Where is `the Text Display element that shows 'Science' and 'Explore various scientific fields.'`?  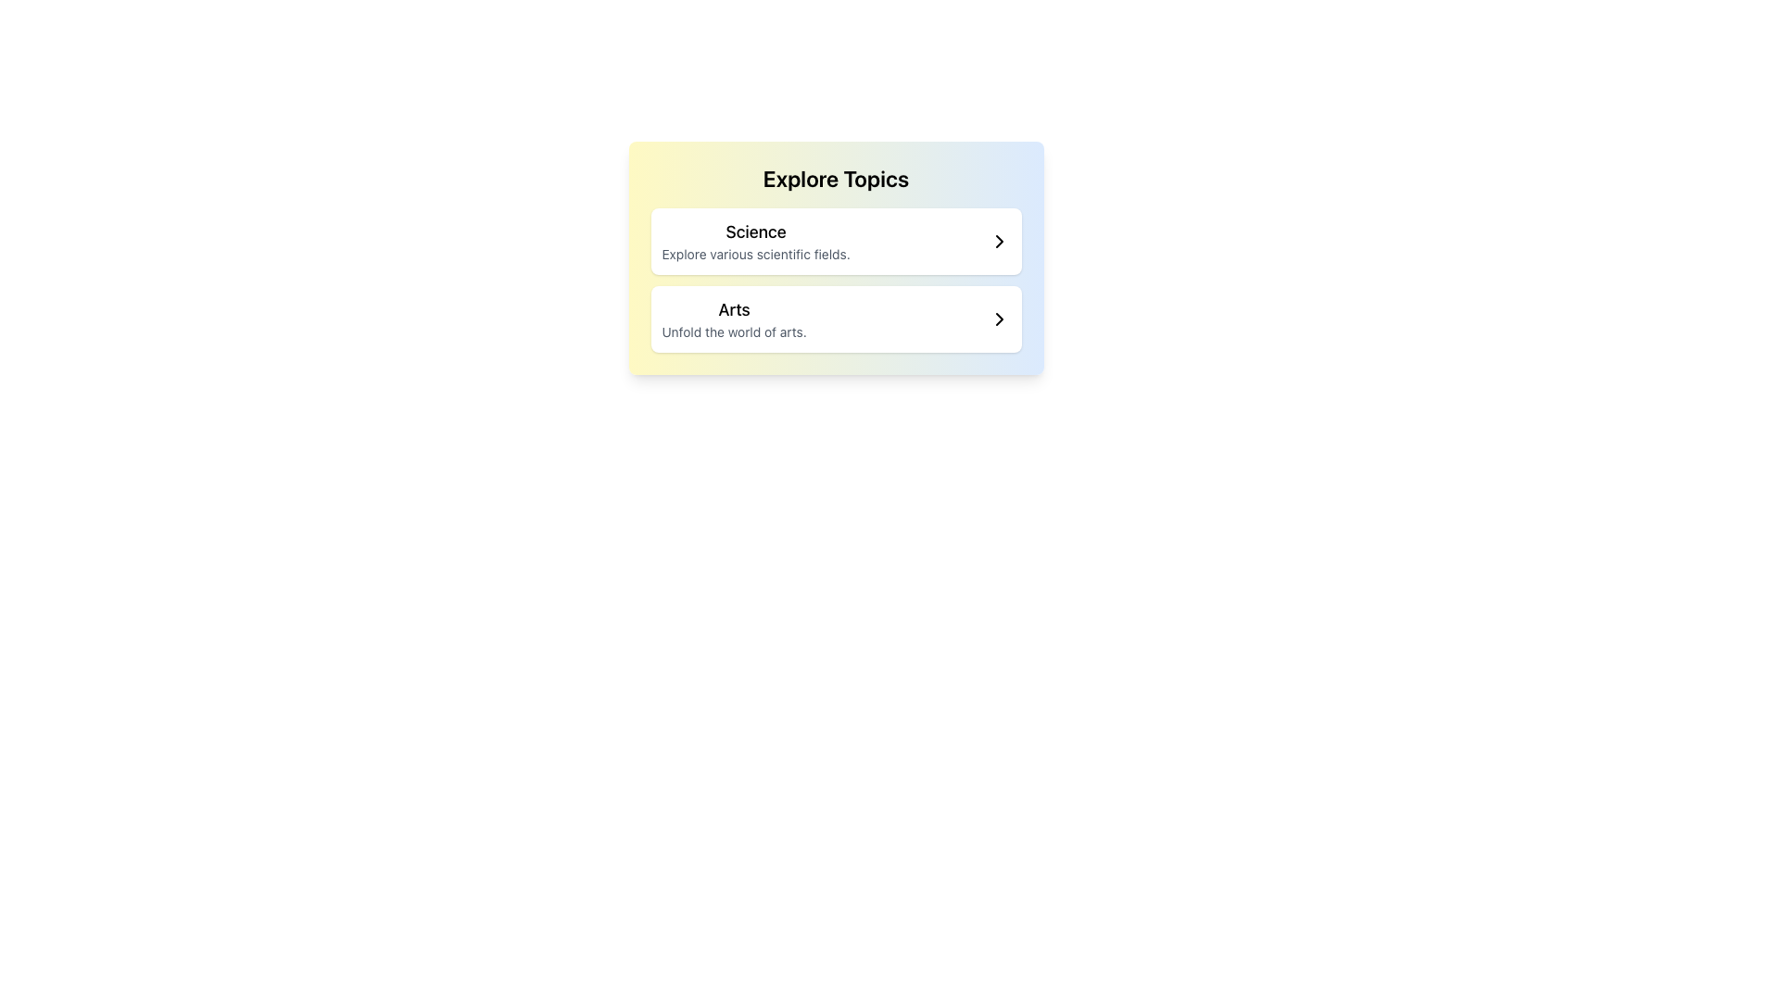 the Text Display element that shows 'Science' and 'Explore various scientific fields.' is located at coordinates (756, 241).